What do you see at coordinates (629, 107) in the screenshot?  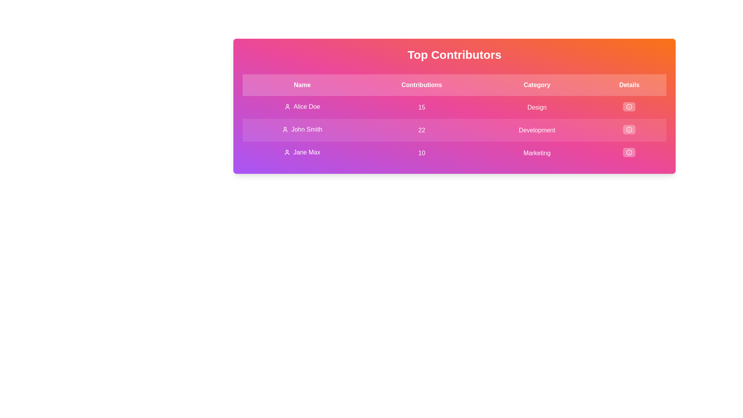 I see `the button located in the third column of the first data row under the 'Details' header, beside 'Design' and '15' columns` at bounding box center [629, 107].